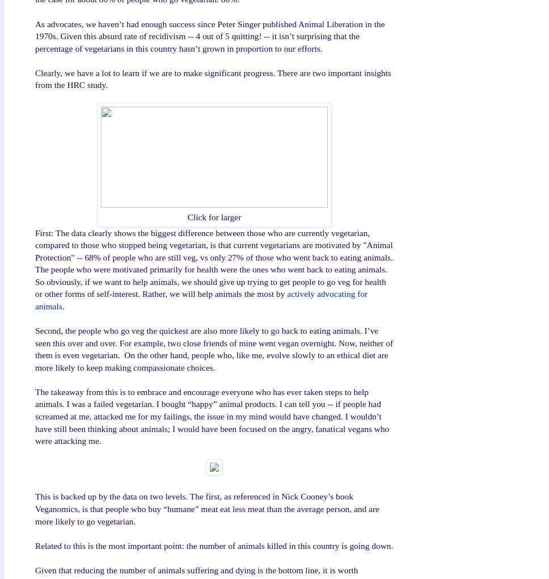 Image resolution: width=549 pixels, height=579 pixels. I want to click on 'The takeaway from this is to embrace and encourage everyone who has ever taken steps to help animals. I was a failed vegetarian. I bought “happy” animal products. I can tell you -- if people had screamed at me, attacked me for my failings, the issue in my mind would have changed. I wouldn’t have still been thinking about animals; I would have been focused on the angry, fanatical vegans who were attacking me.', so click(212, 416).